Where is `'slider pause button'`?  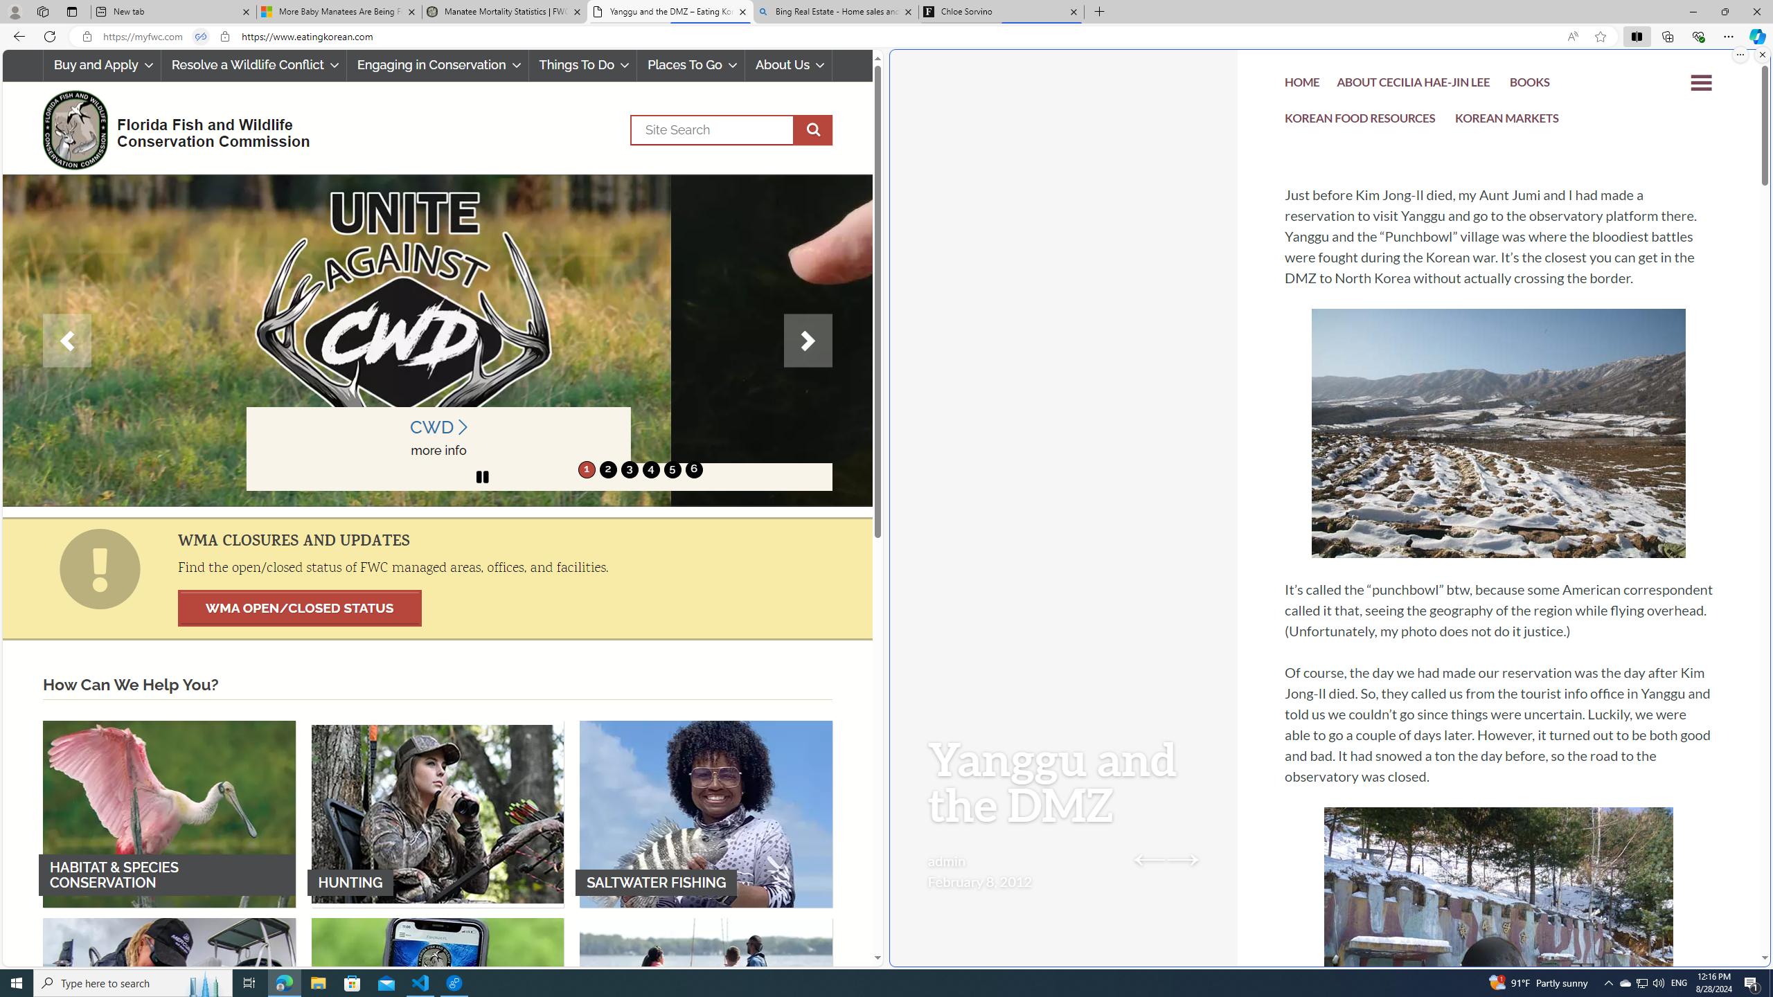
'slider pause button' is located at coordinates (483, 477).